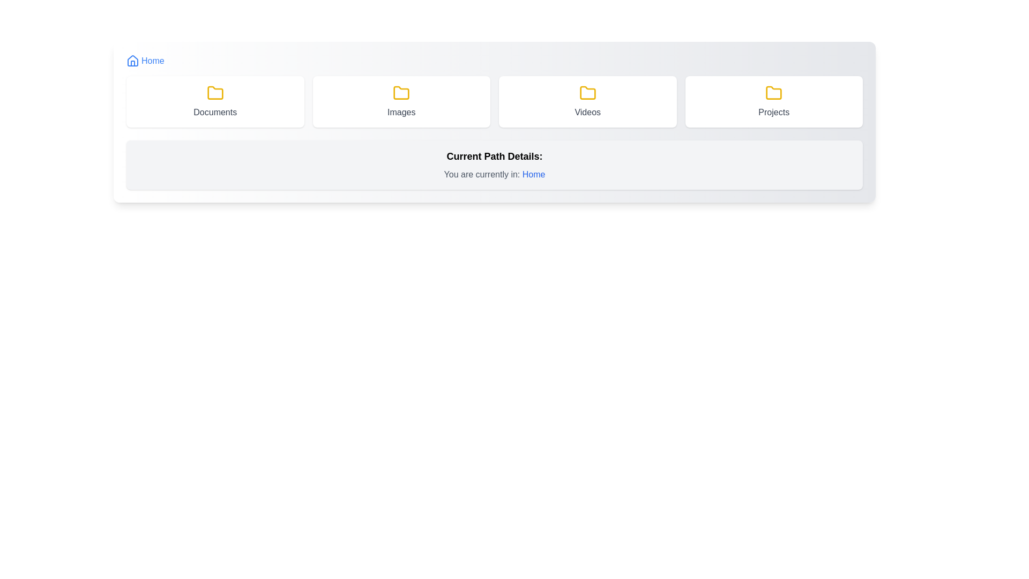 The image size is (1029, 579). I want to click on the 'Images' button, which is a card-style component featuring a yellow folder icon and the word 'Images' underneath it, positioned in a horizontal grid between 'Documents' and 'Videos', so click(401, 101).